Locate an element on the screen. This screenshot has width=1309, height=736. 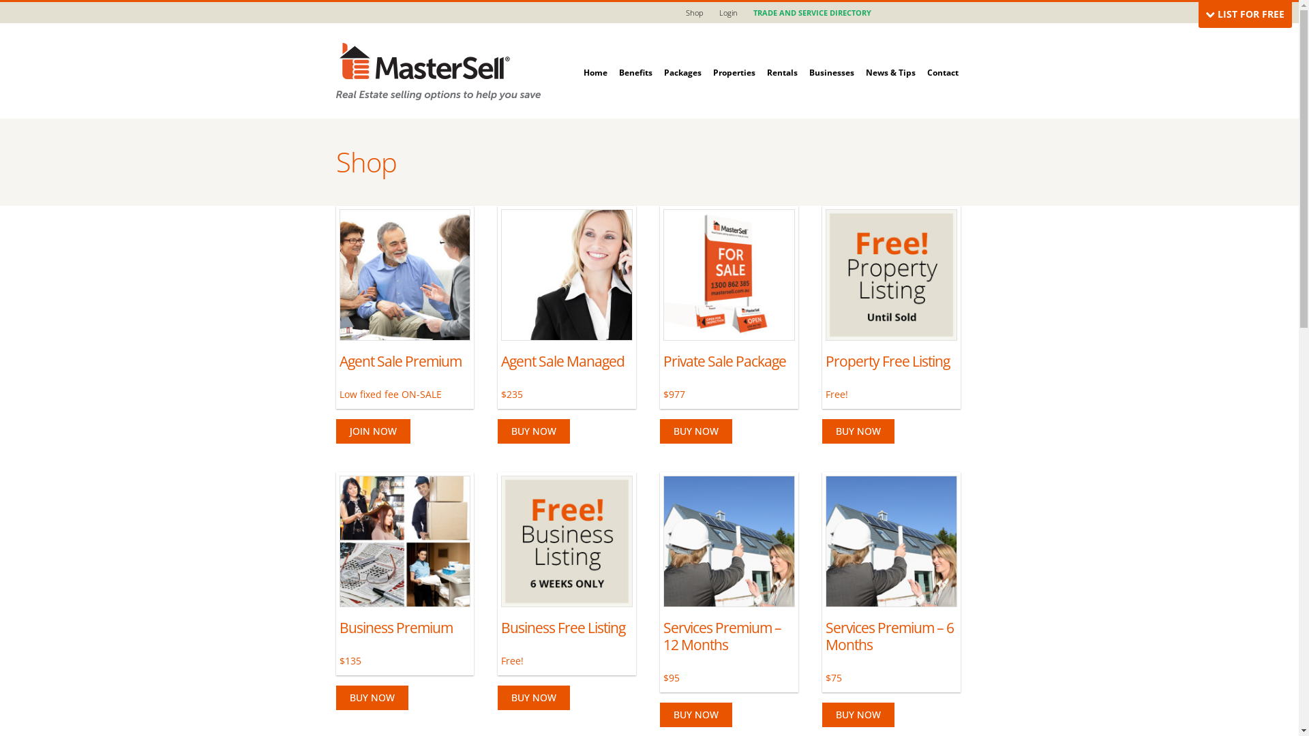
'TRADE AND SERVICE DIRECTORY' is located at coordinates (745, 12).